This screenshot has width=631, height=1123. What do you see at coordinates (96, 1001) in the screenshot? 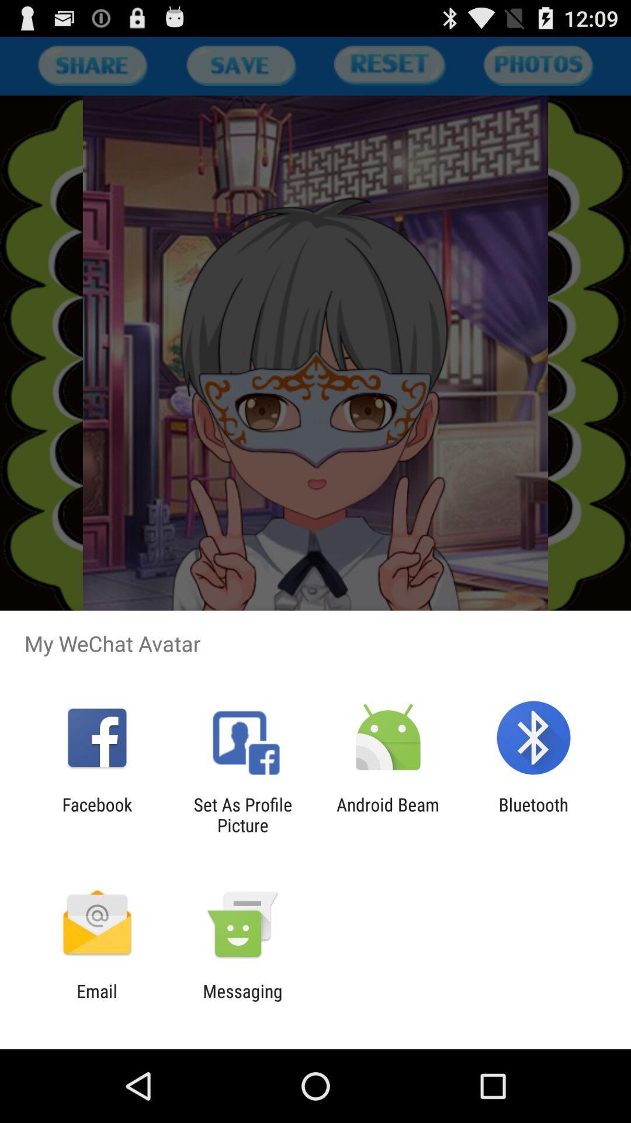
I see `item to the left of messaging item` at bounding box center [96, 1001].